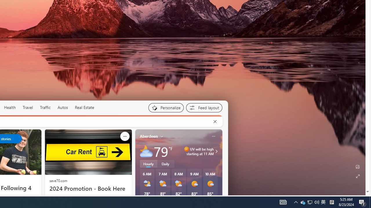 The image size is (371, 208). I want to click on 'Travel', so click(28, 107).